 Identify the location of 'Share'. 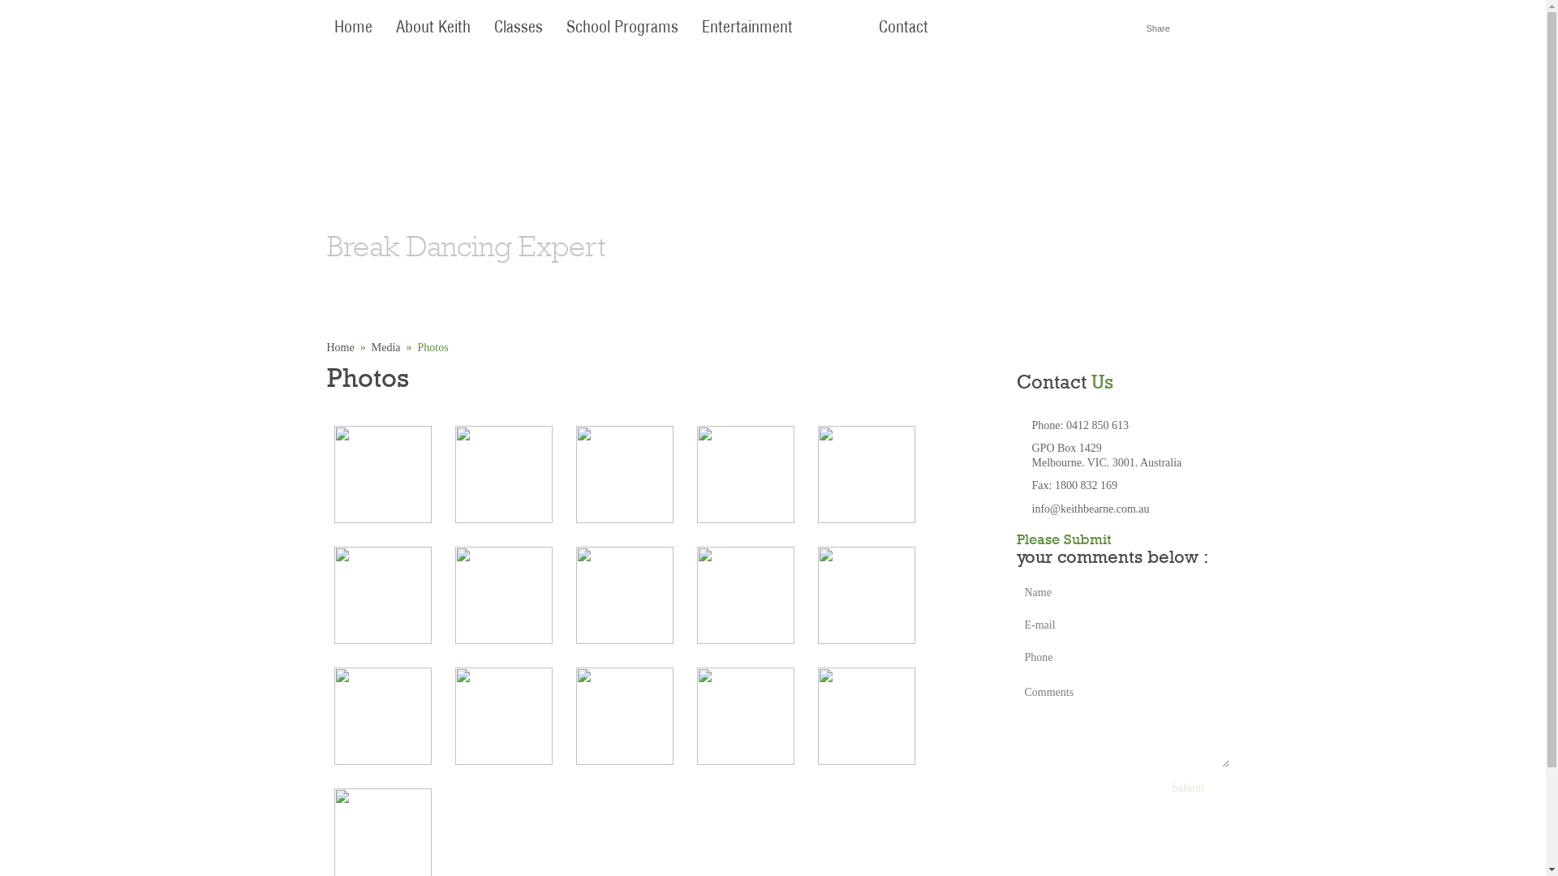
(1156, 28).